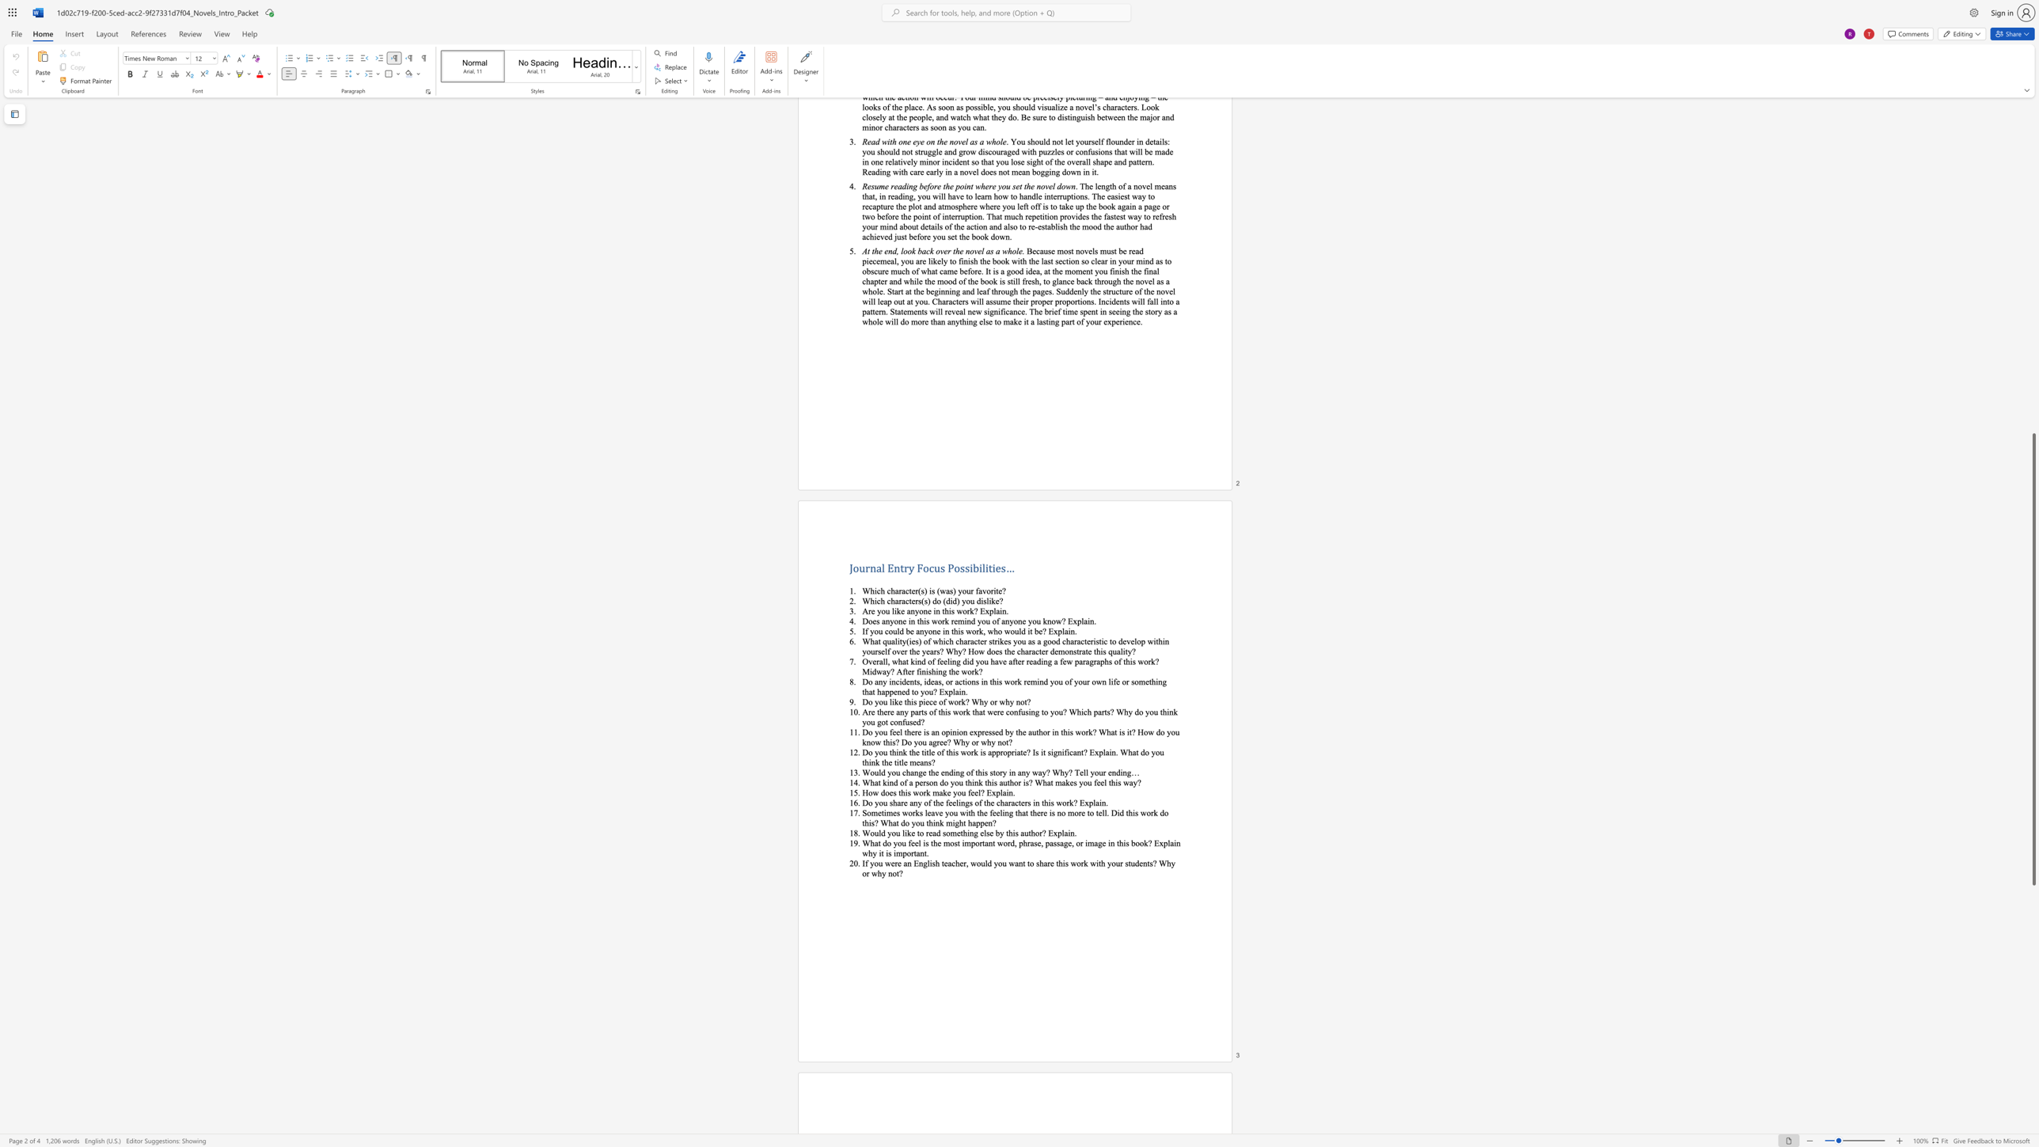  Describe the element at coordinates (2033, 116) in the screenshot. I see `the scrollbar to slide the page up` at that location.